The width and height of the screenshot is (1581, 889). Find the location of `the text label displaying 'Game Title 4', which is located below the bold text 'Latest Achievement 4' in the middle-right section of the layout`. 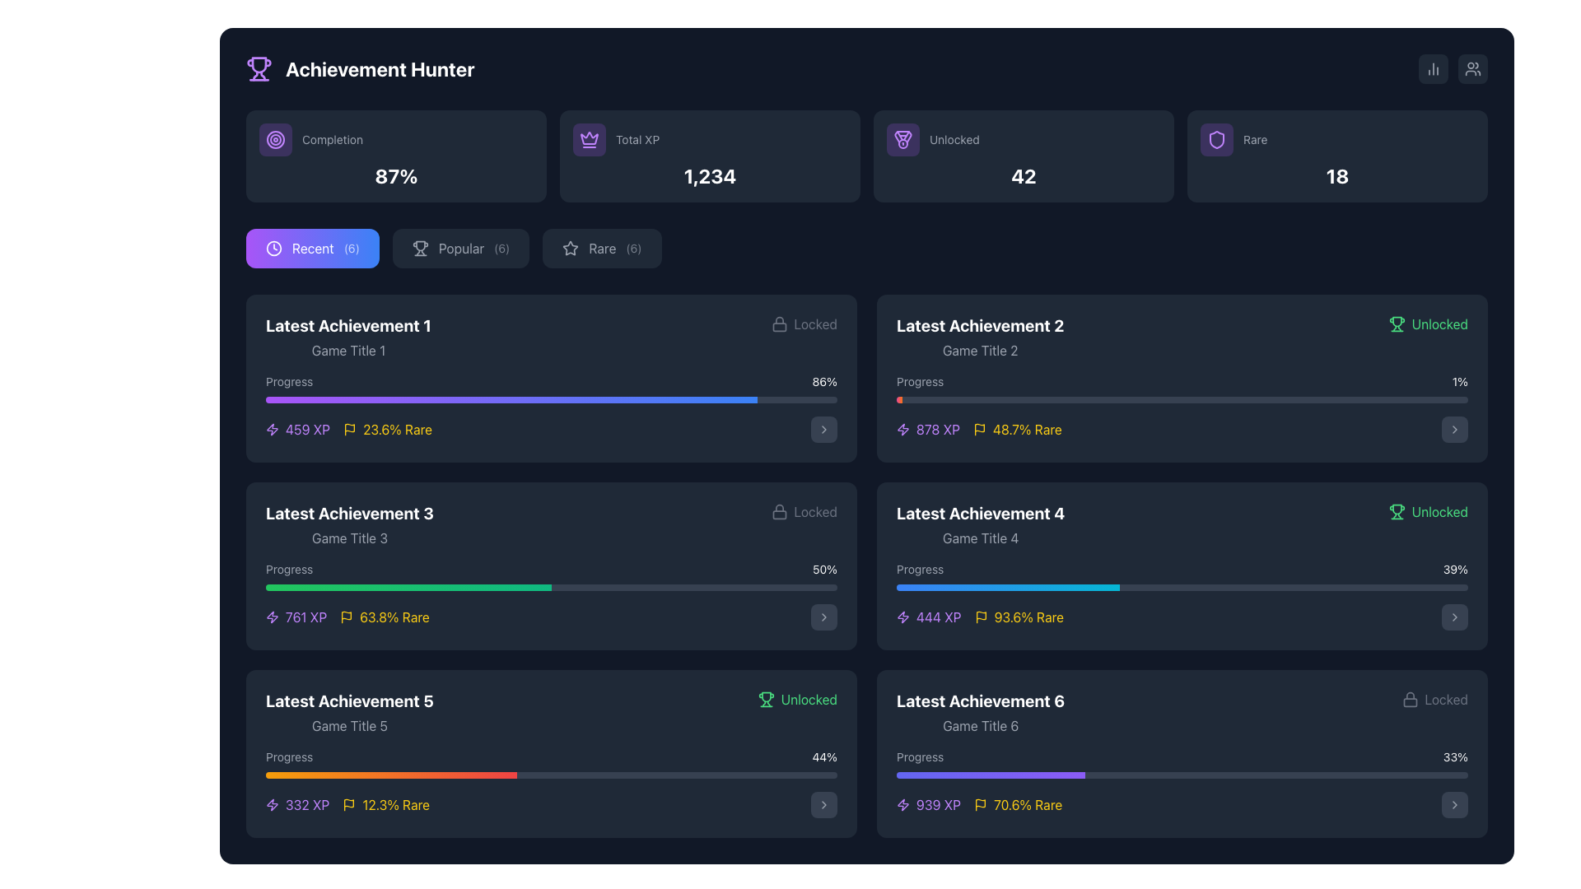

the text label displaying 'Game Title 4', which is located below the bold text 'Latest Achievement 4' in the middle-right section of the layout is located at coordinates (981, 538).